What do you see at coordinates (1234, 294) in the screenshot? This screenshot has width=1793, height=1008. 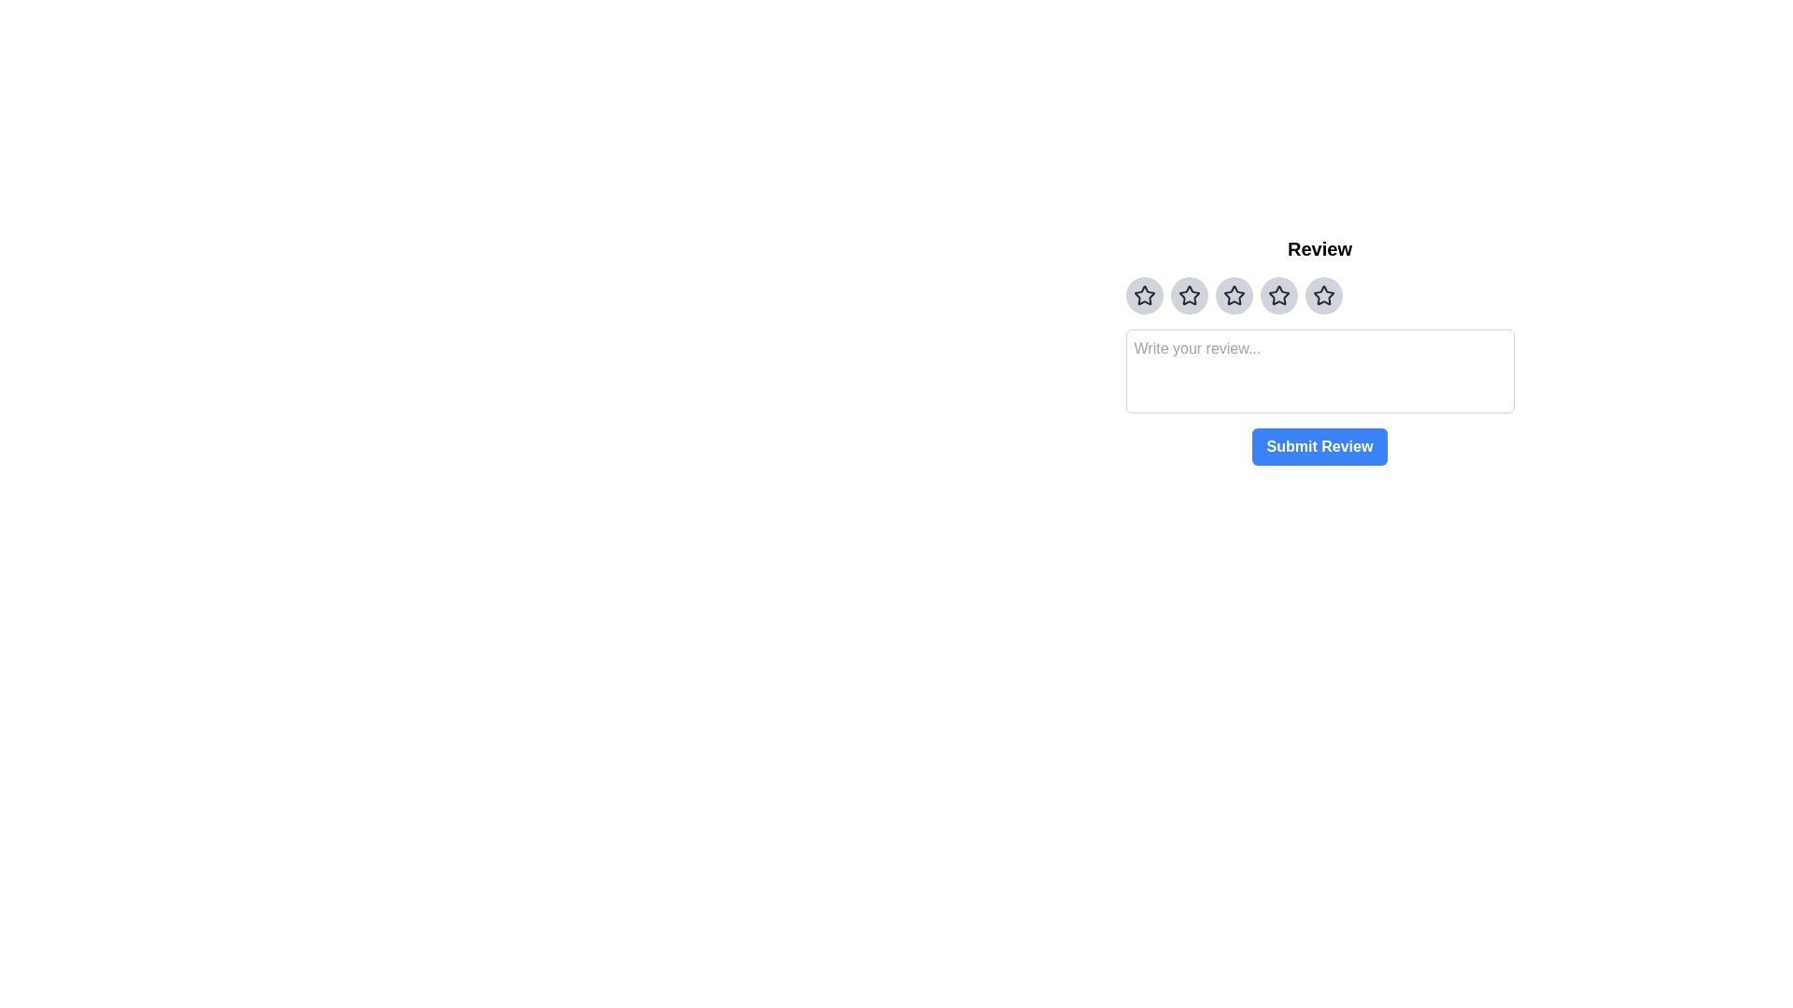 I see `the third star-shaped icon with a gray fill and border` at bounding box center [1234, 294].